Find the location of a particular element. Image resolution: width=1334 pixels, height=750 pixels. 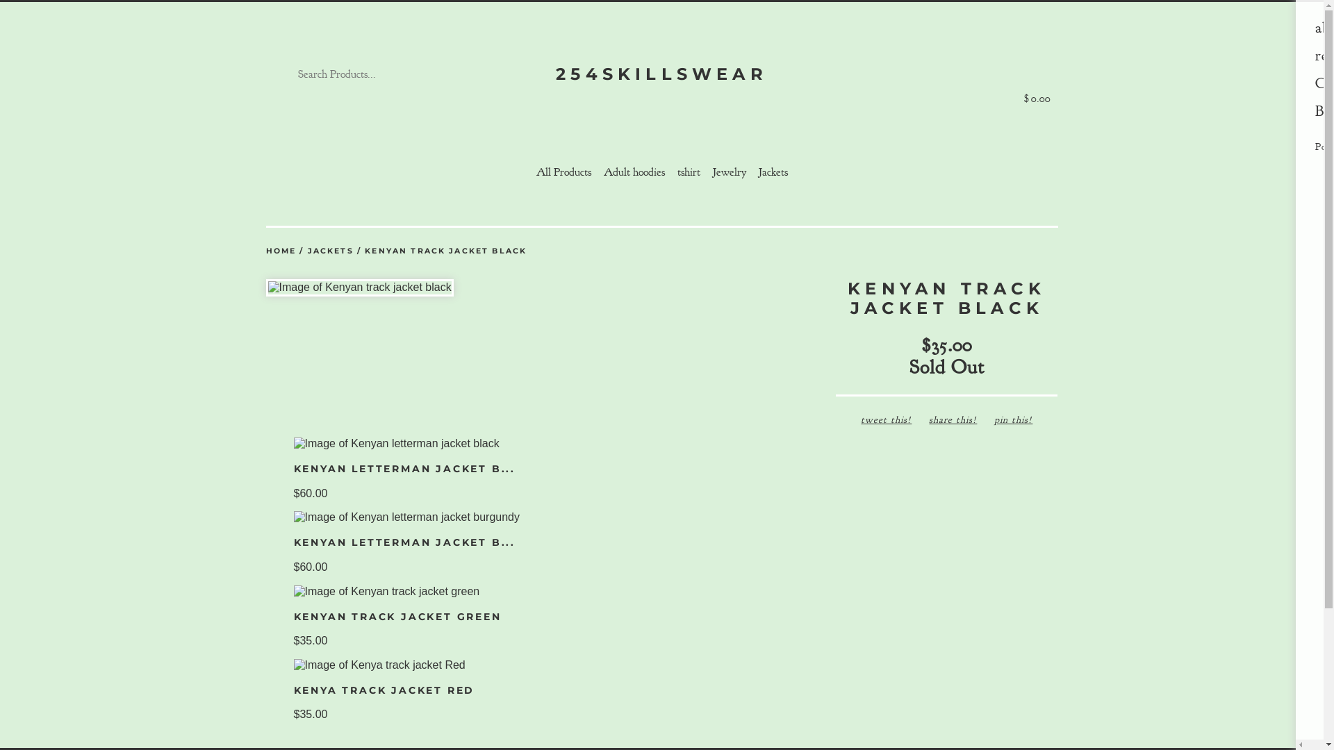

'tshirt' is located at coordinates (688, 171).